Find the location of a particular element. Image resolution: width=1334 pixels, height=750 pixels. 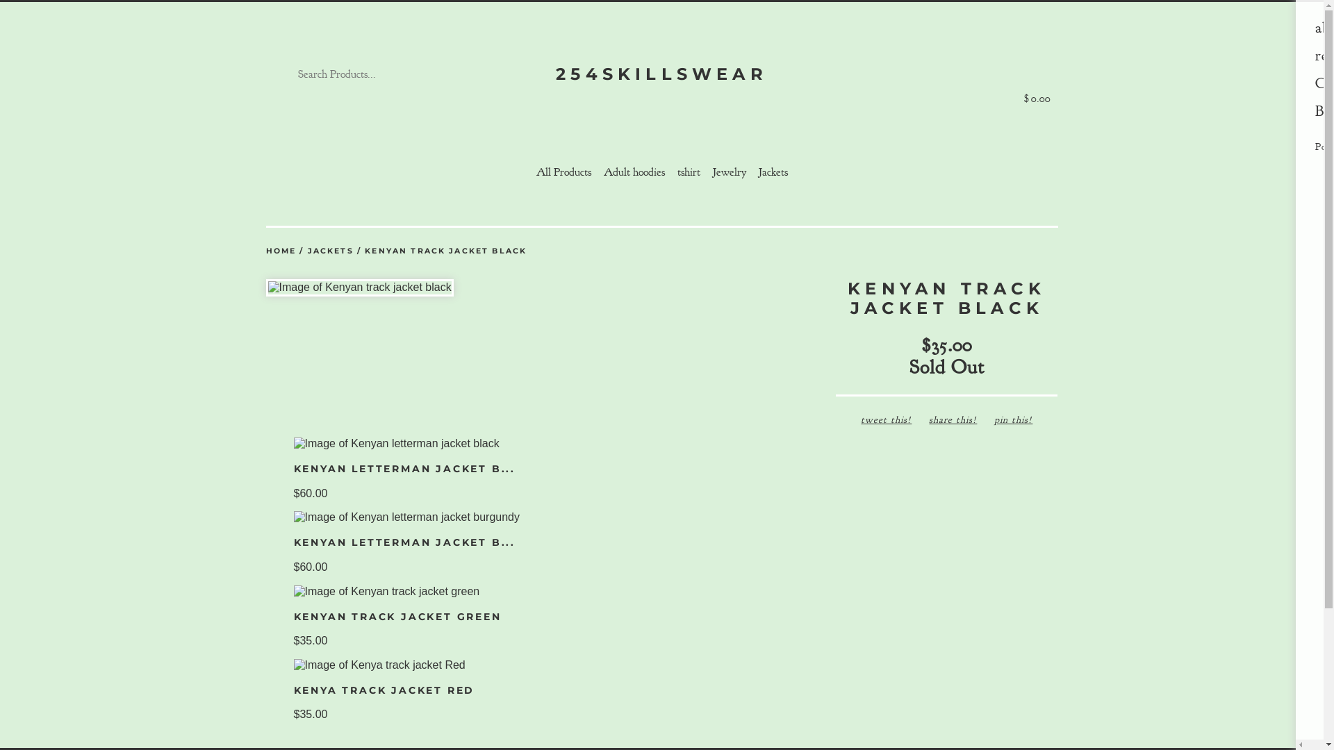

'tshirt' is located at coordinates (688, 171).